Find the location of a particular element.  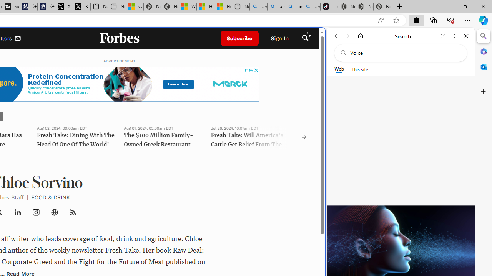

'FOOD & DRINK' is located at coordinates (50, 197).